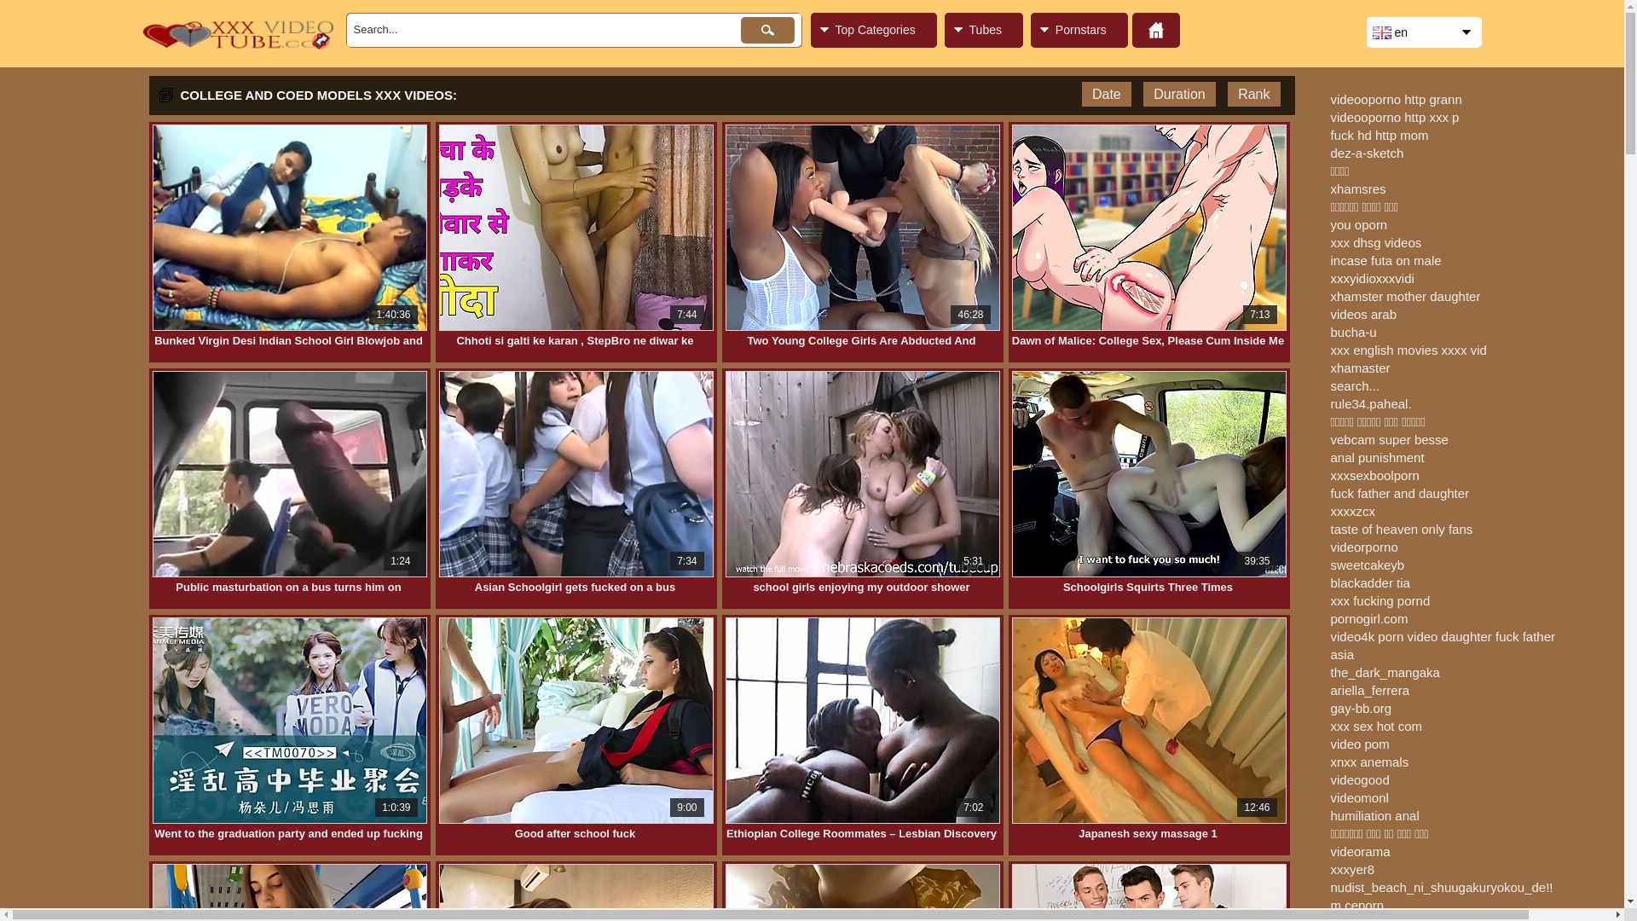  I want to click on 'you oporn', so click(1357, 223).